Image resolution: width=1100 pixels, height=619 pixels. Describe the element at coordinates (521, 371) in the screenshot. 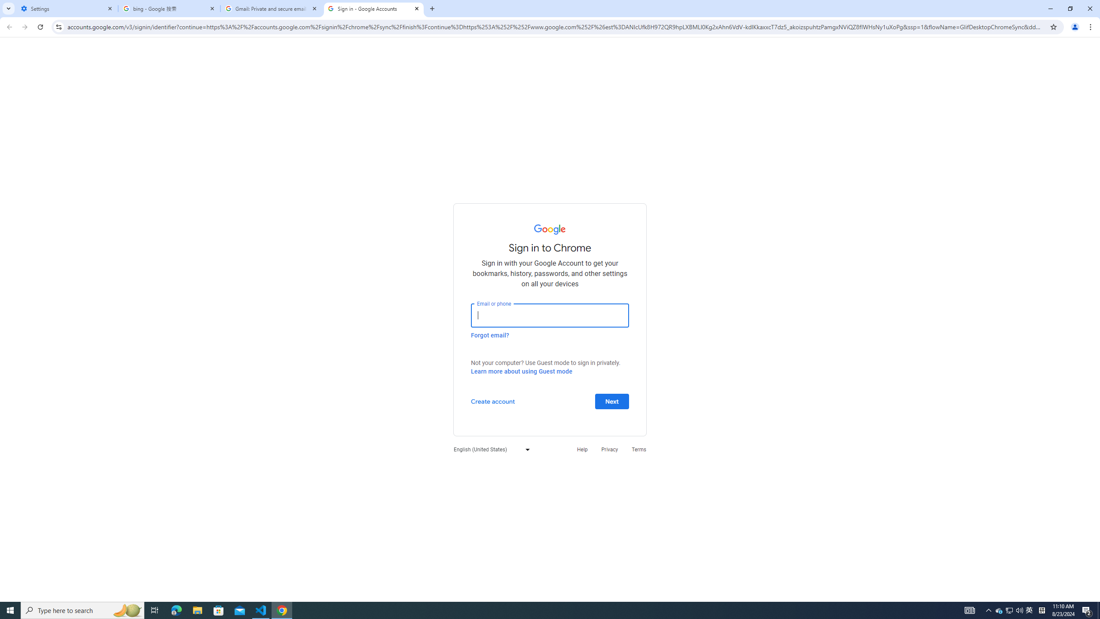

I see `'Learn more about using Guest mode'` at that location.